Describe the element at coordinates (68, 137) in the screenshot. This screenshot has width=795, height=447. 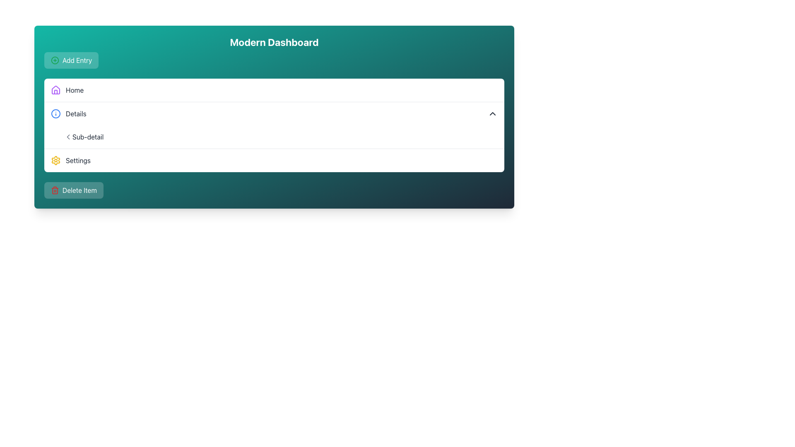
I see `the navigational icon located inside the 'Sub-detail' row at the far left, immediately preceding the text label` at that location.